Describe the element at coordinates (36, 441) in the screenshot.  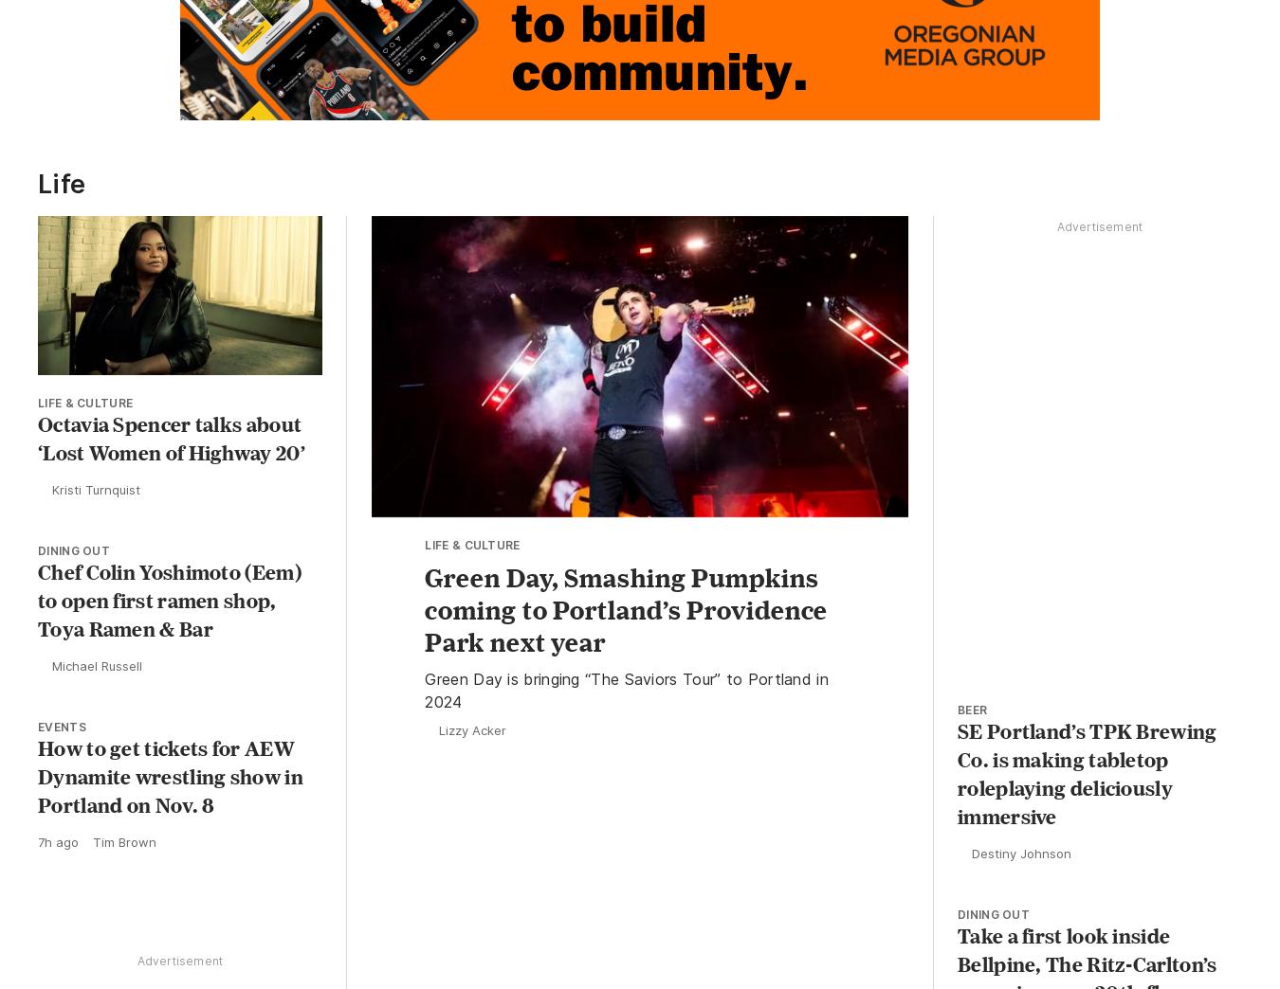
I see `'Octavia Spencer talks about ‘Lost Women of Highway 20’'` at that location.